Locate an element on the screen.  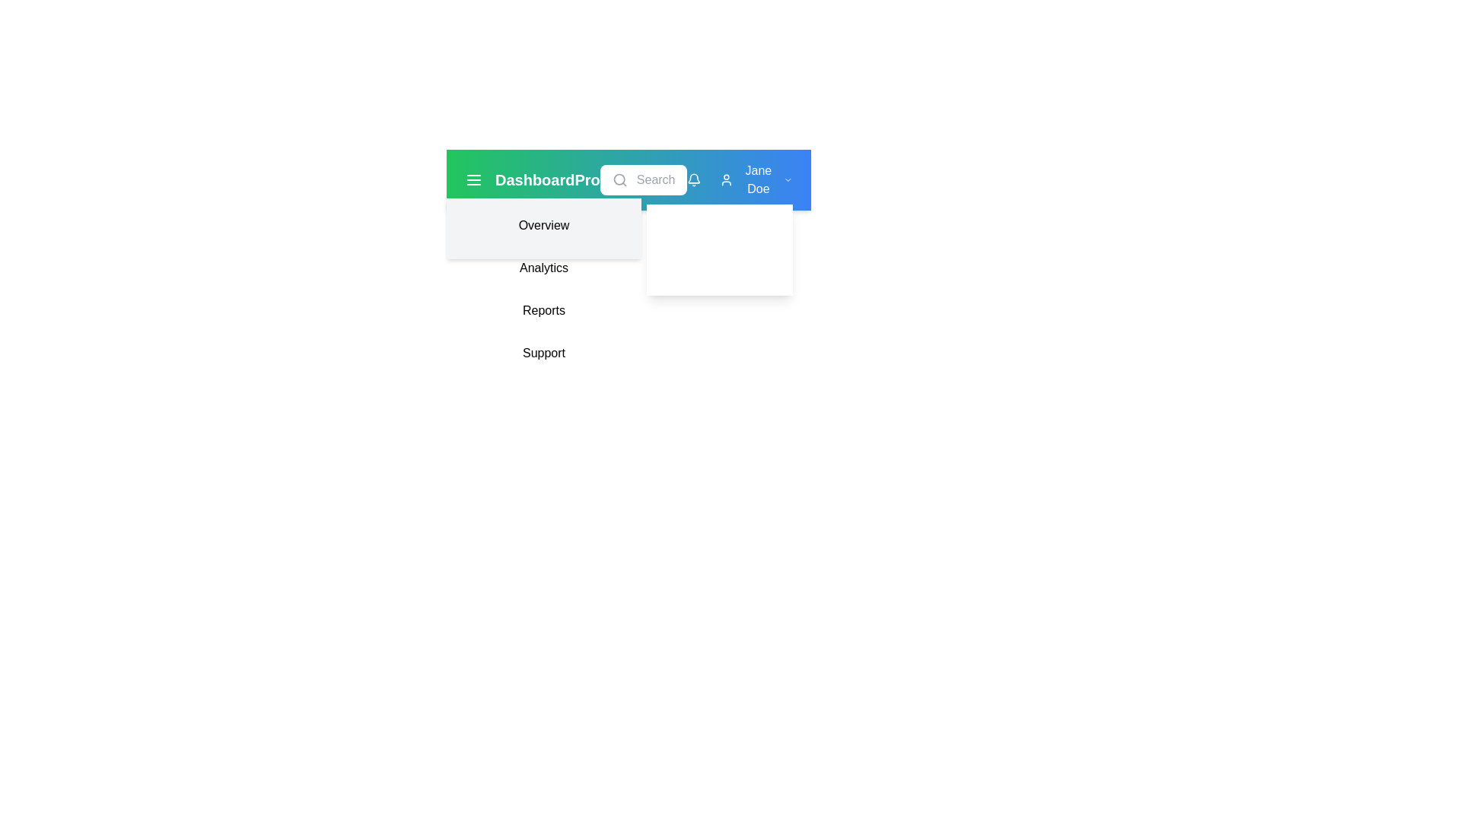
the bell-shaped icon located to the left of the profile icon is located at coordinates (693, 179).